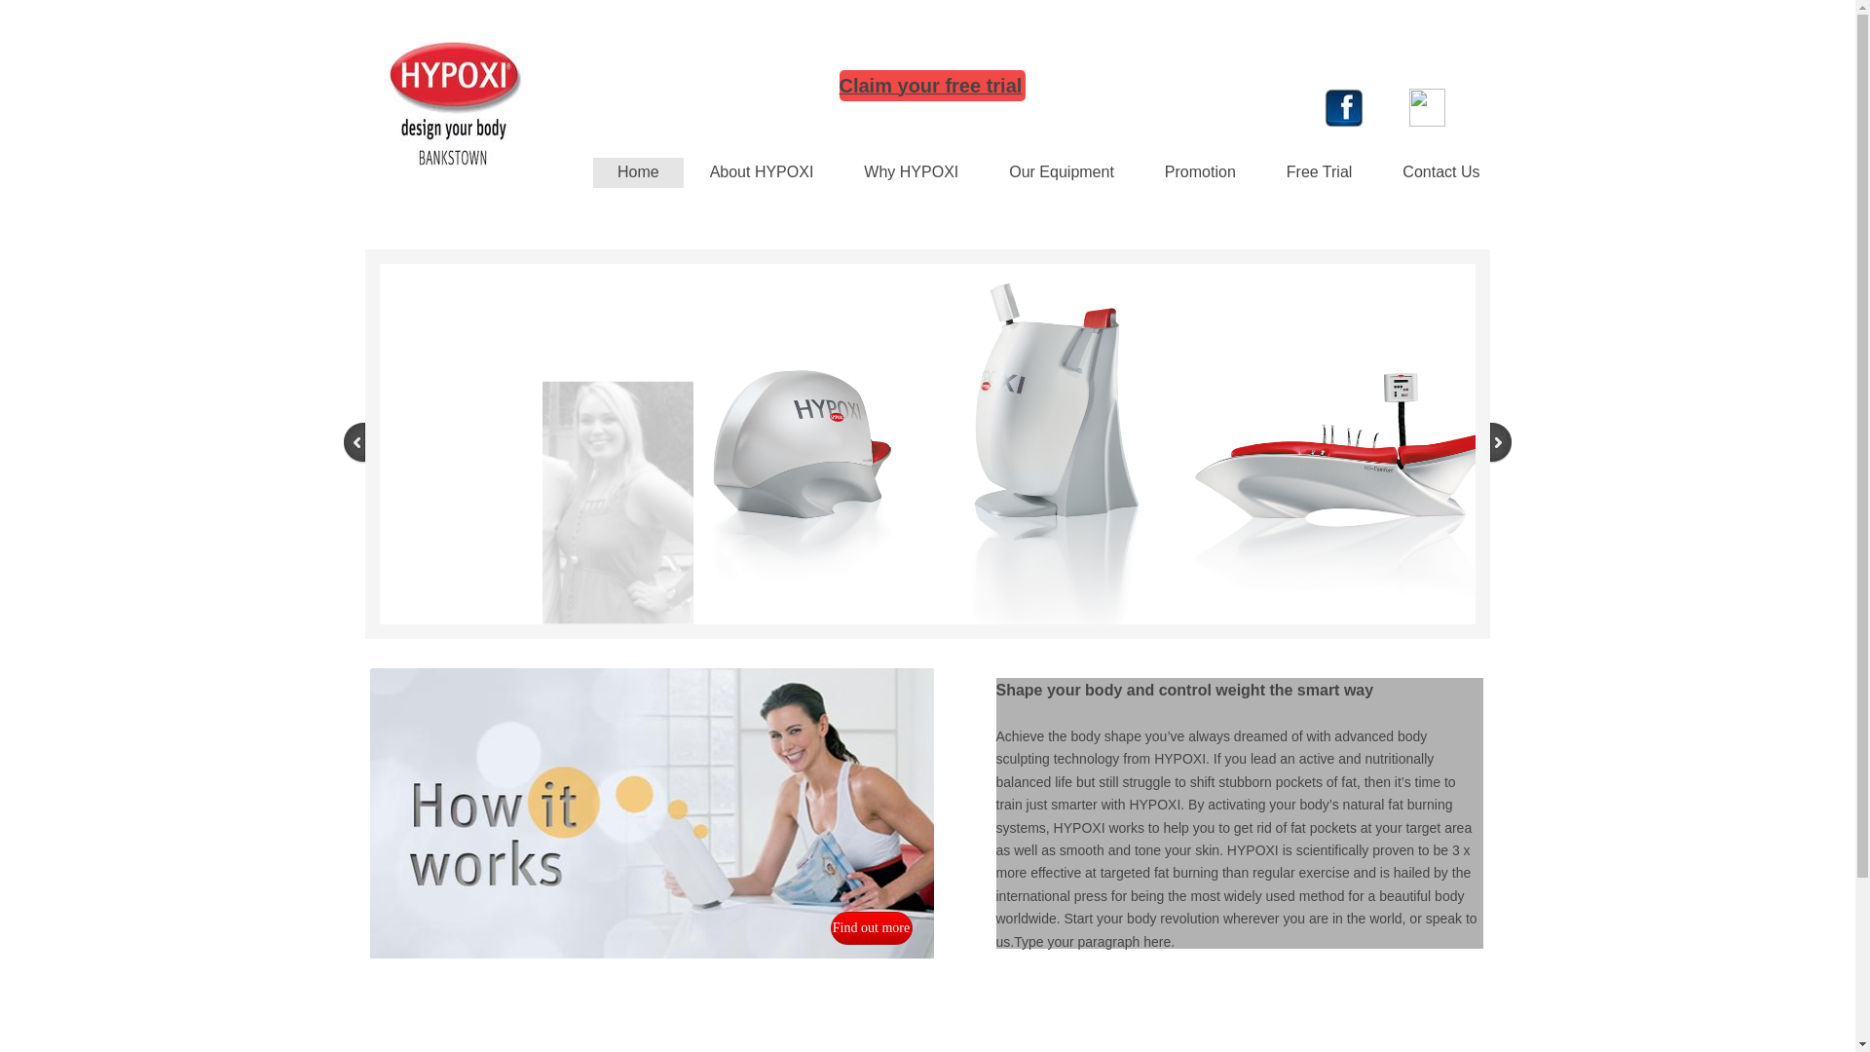 The height and width of the screenshot is (1052, 1870). I want to click on 'Why HYPOXI', so click(910, 171).